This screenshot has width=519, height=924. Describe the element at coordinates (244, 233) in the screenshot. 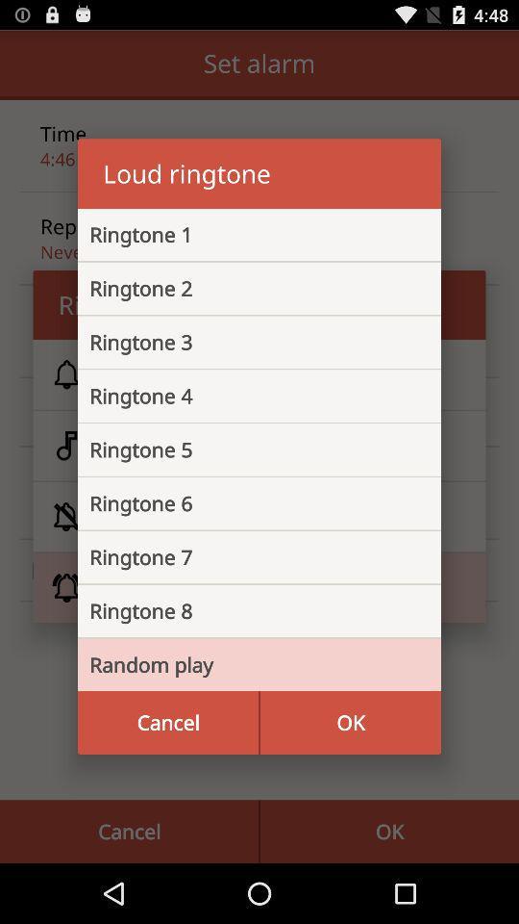

I see `app below loud ringtone item` at that location.